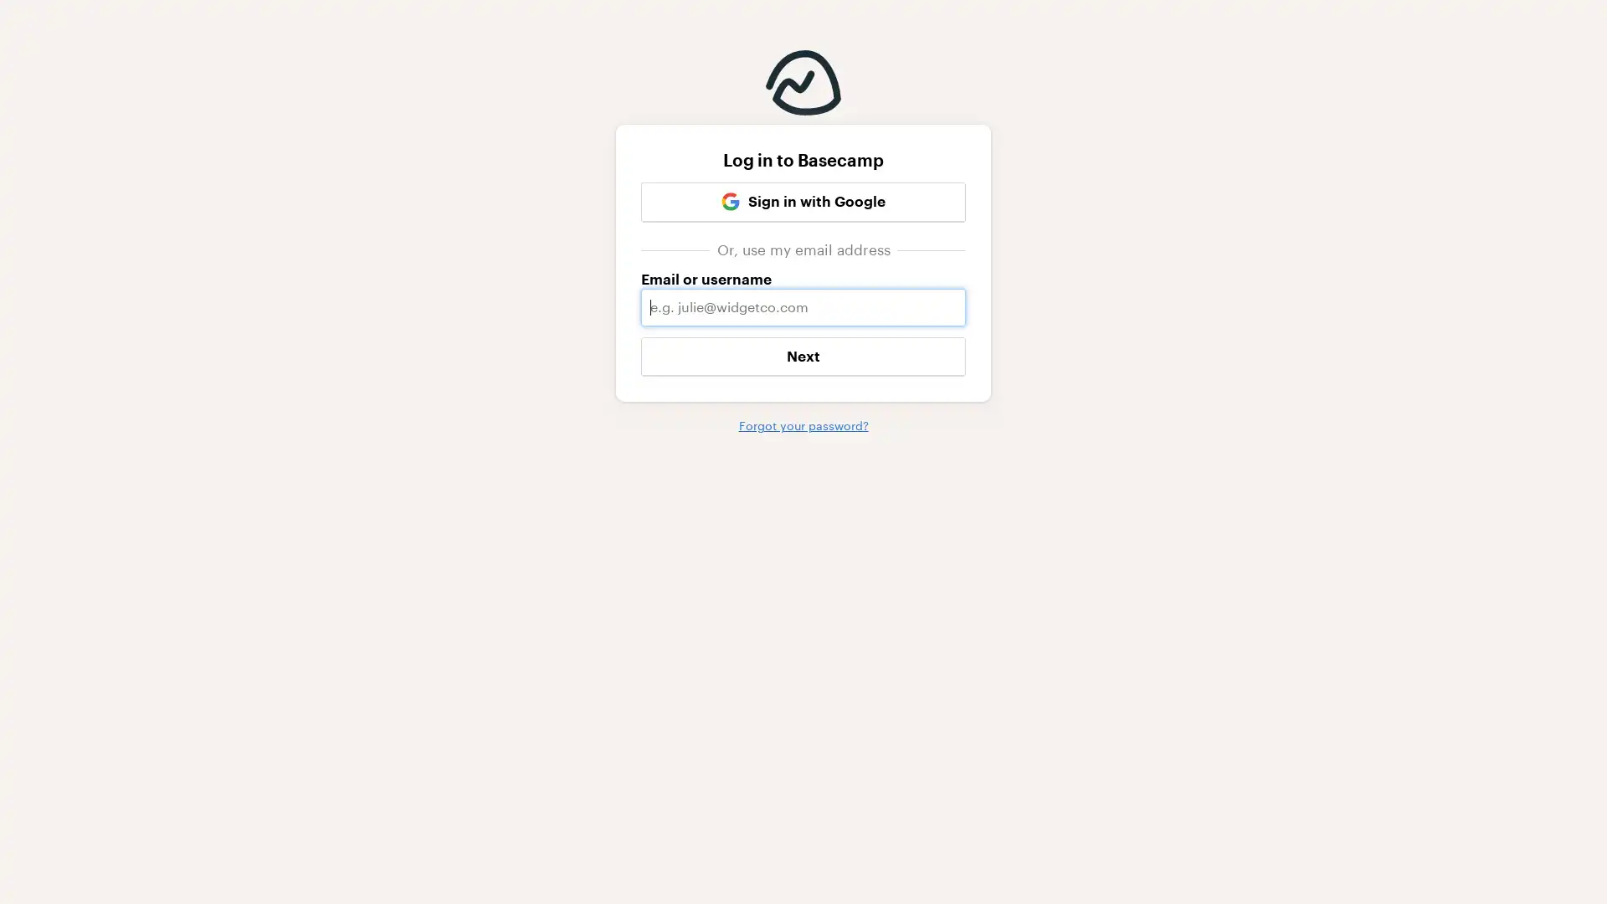  Describe the element at coordinates (803, 202) in the screenshot. I see `Google Sign in with Google` at that location.